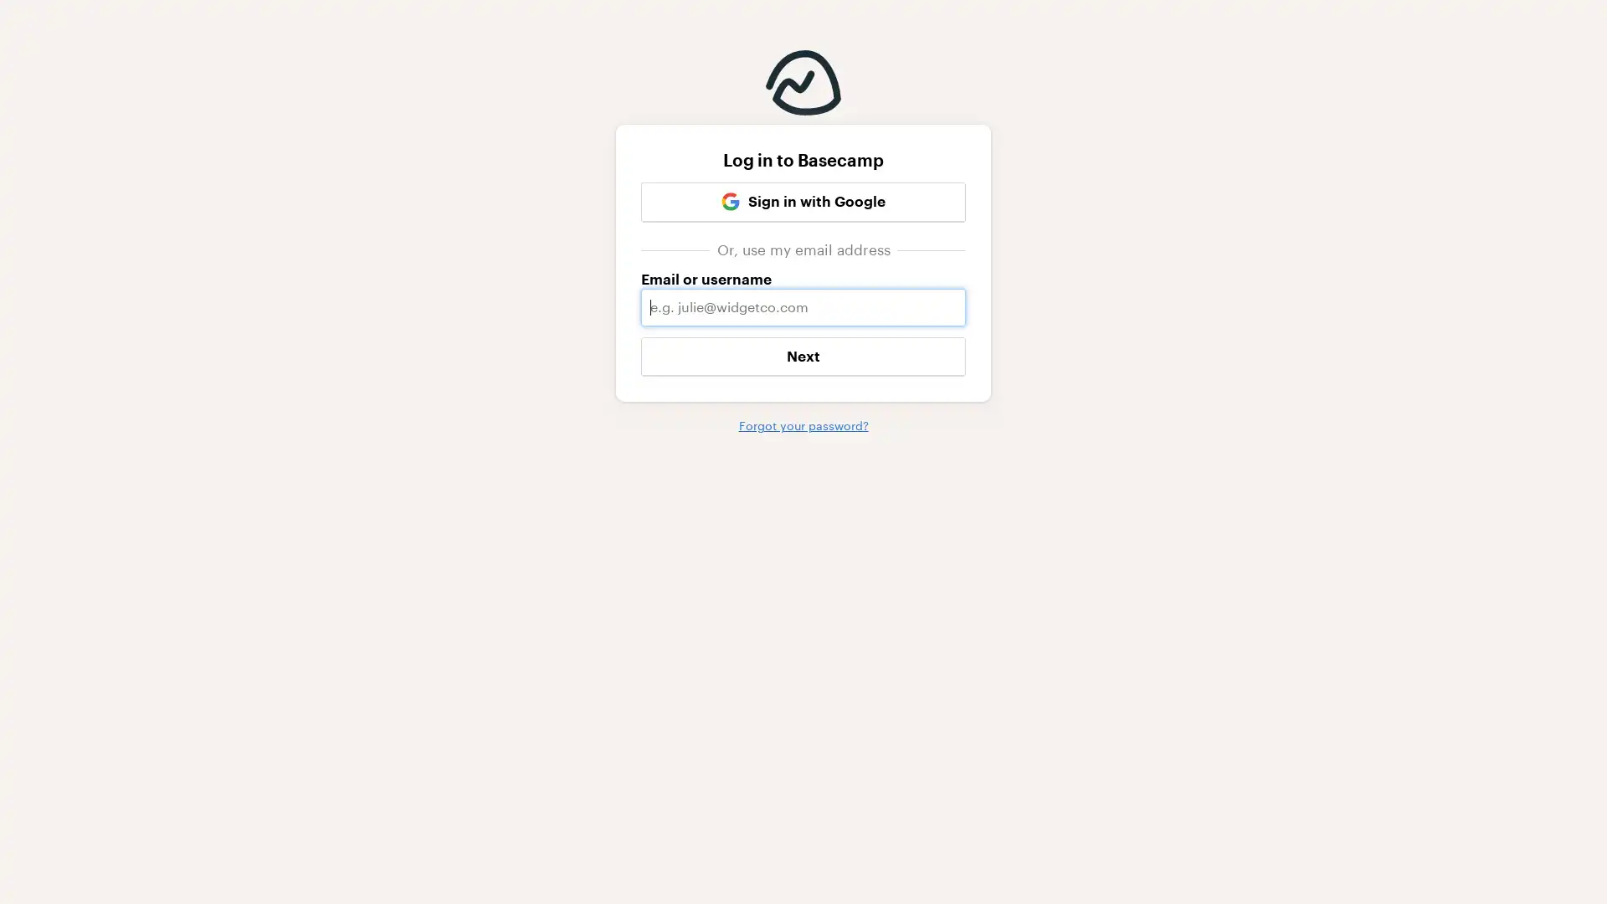  Describe the element at coordinates (803, 202) in the screenshot. I see `Google Sign in with Google` at that location.